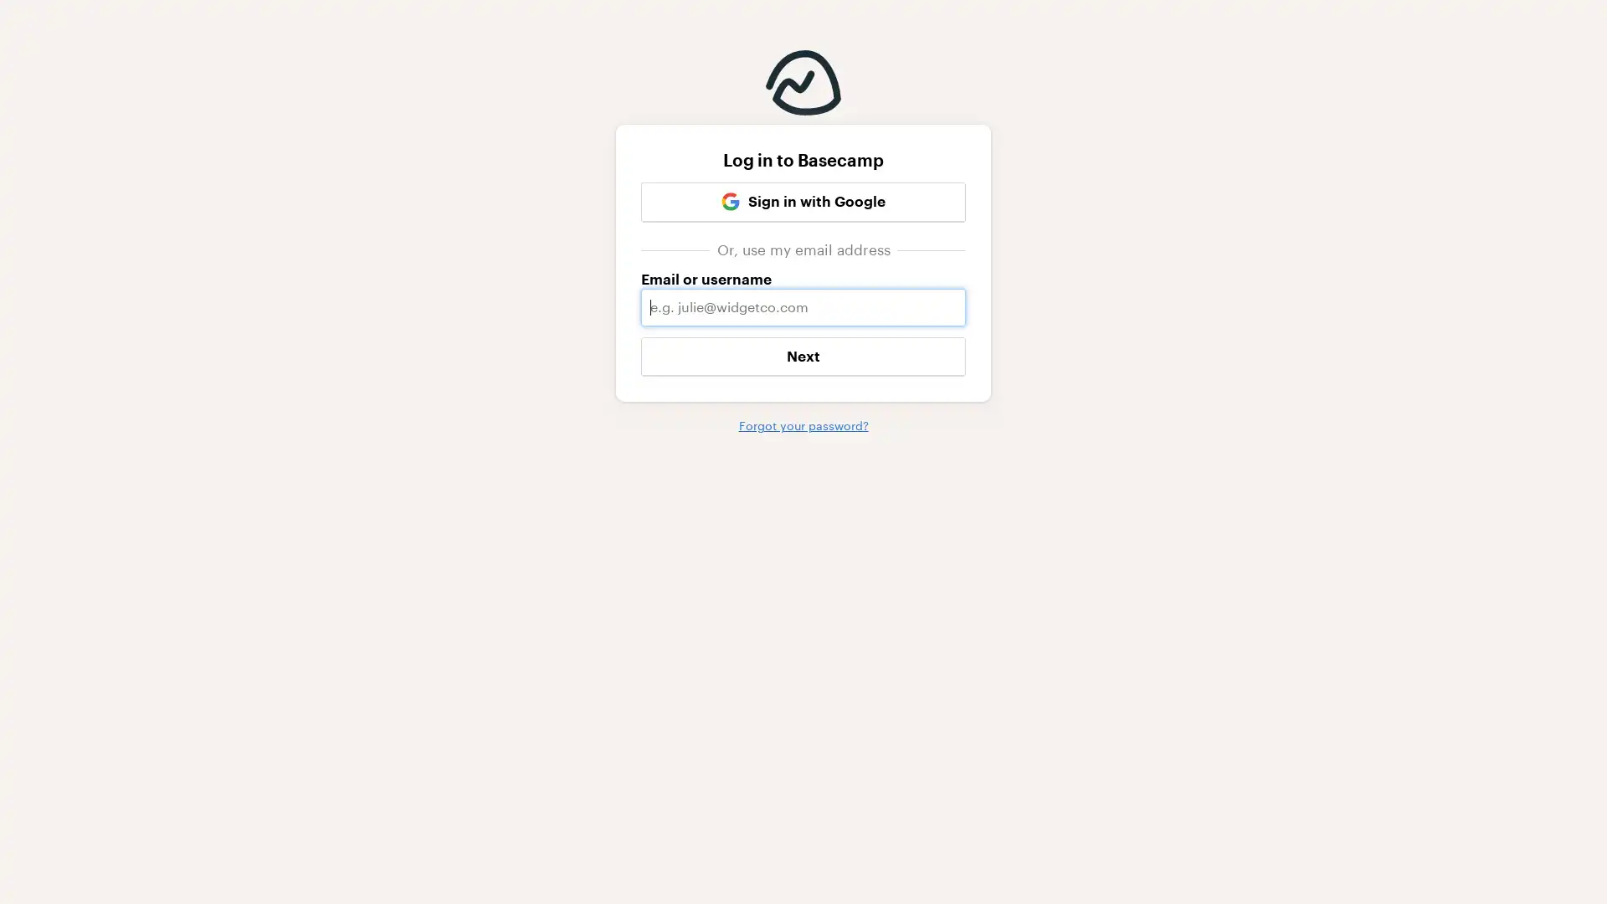  Describe the element at coordinates (803, 202) in the screenshot. I see `Google Sign in with Google` at that location.